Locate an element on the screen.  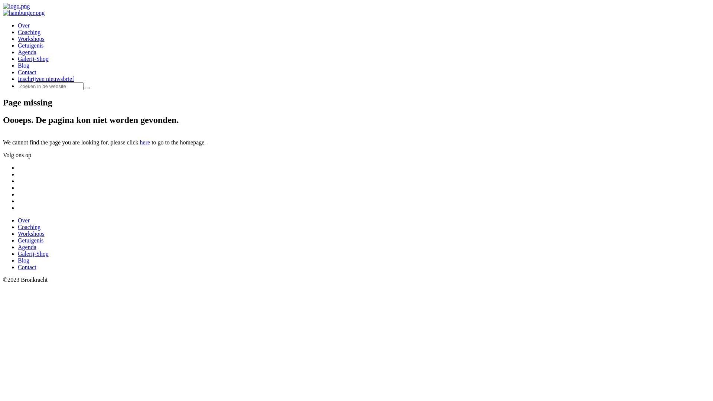
'Blog' is located at coordinates (18, 65).